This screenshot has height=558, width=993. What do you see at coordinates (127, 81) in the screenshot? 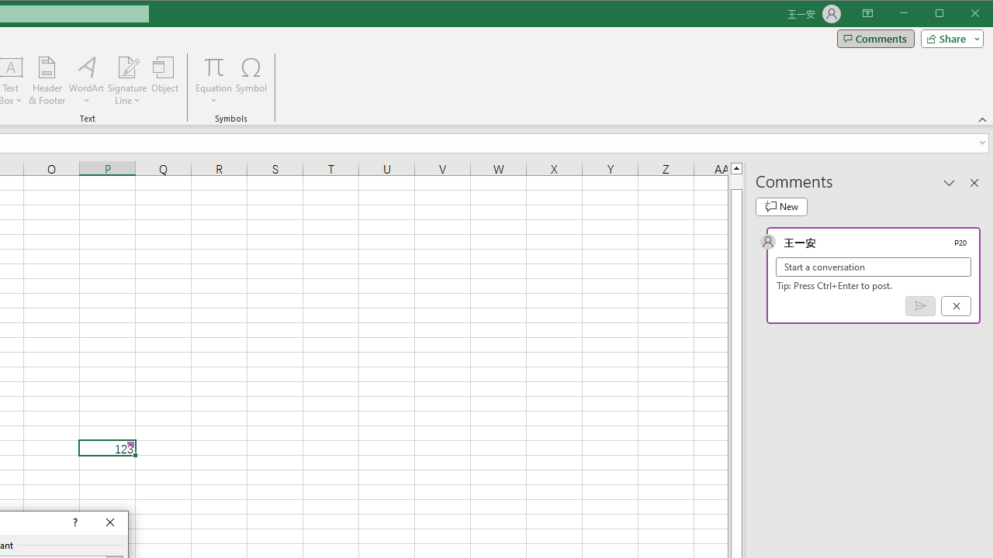
I see `'Signature Line'` at bounding box center [127, 81].